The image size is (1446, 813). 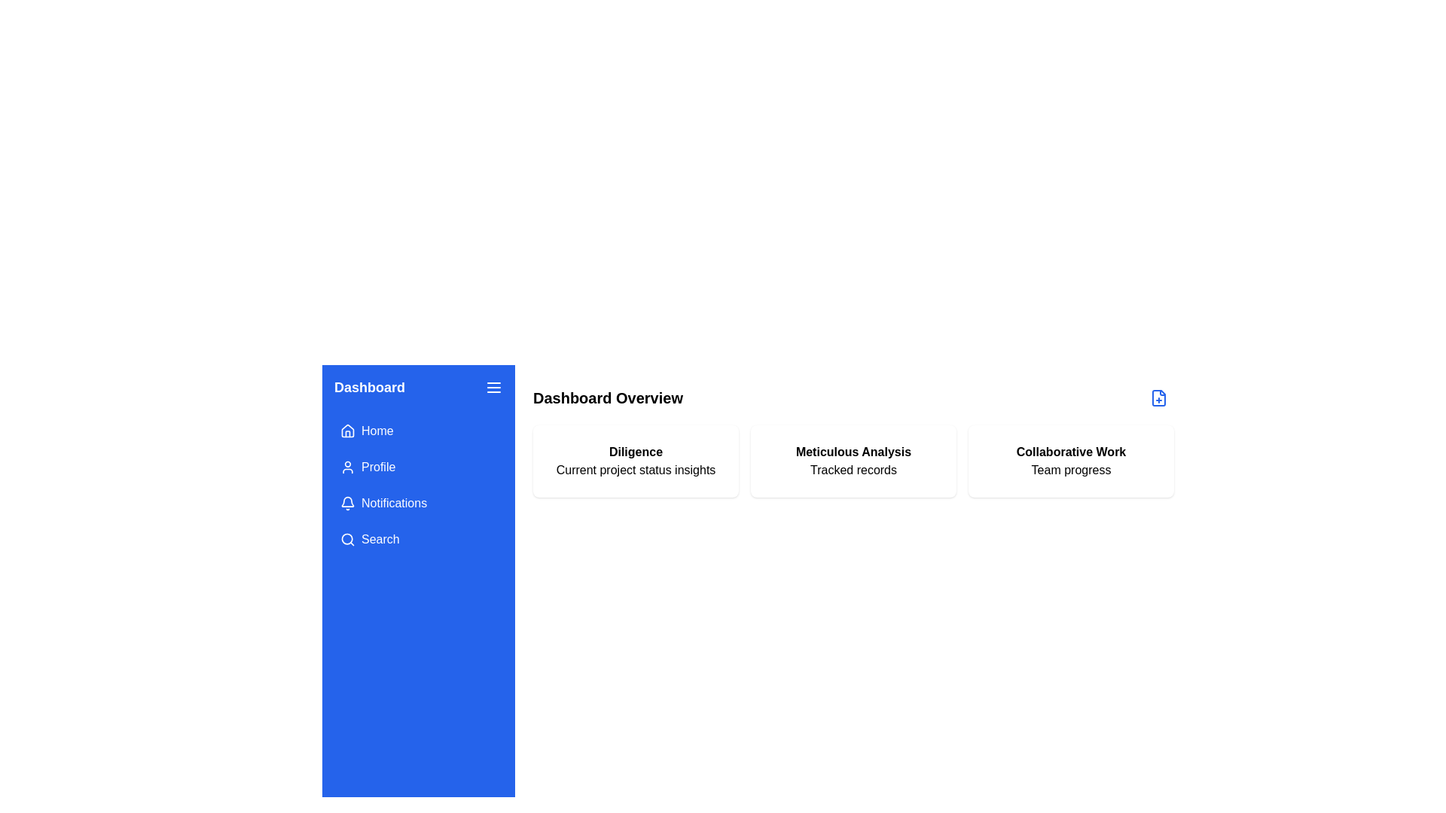 What do you see at coordinates (853, 461) in the screenshot?
I see `the Informational Card that provides insights related to 'Meticulous Analysis' and 'Tracked records', located in the middle column of the grid layout` at bounding box center [853, 461].